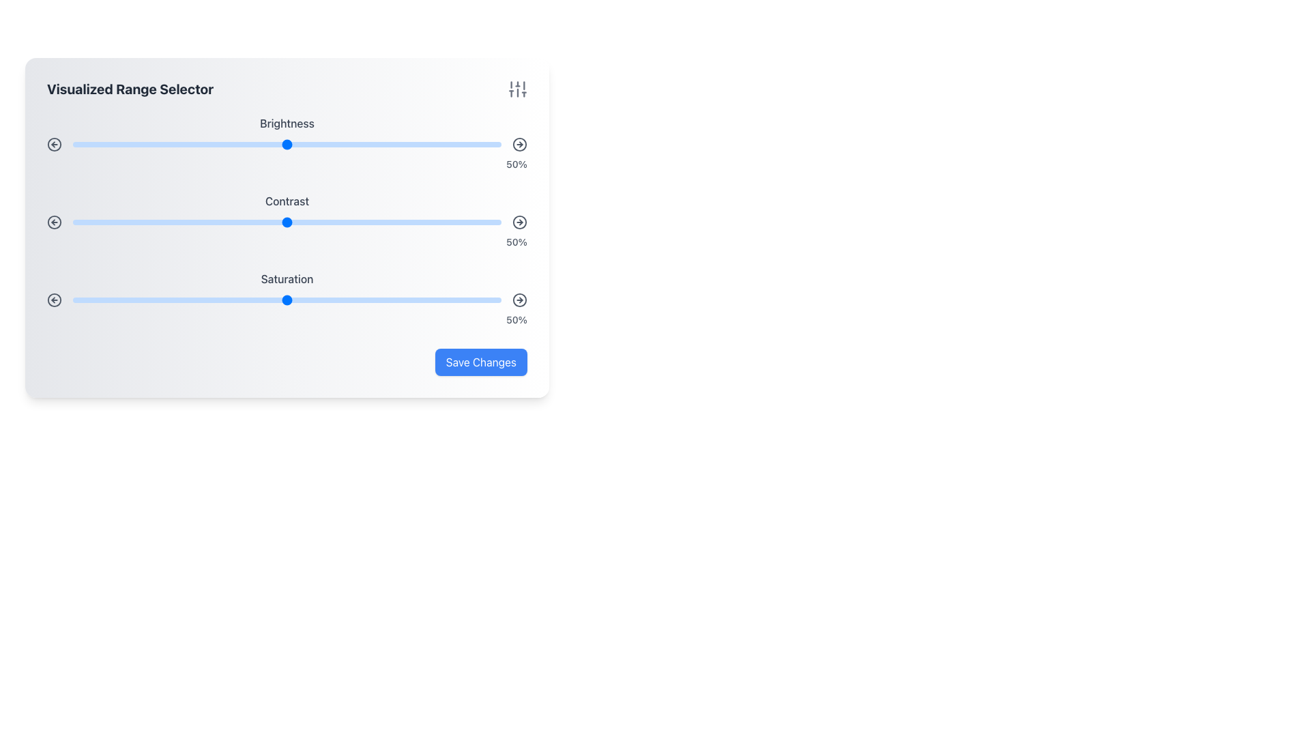  What do you see at coordinates (55, 145) in the screenshot?
I see `the circular icon located in the upper-left corner of the user interface, adjacent` at bounding box center [55, 145].